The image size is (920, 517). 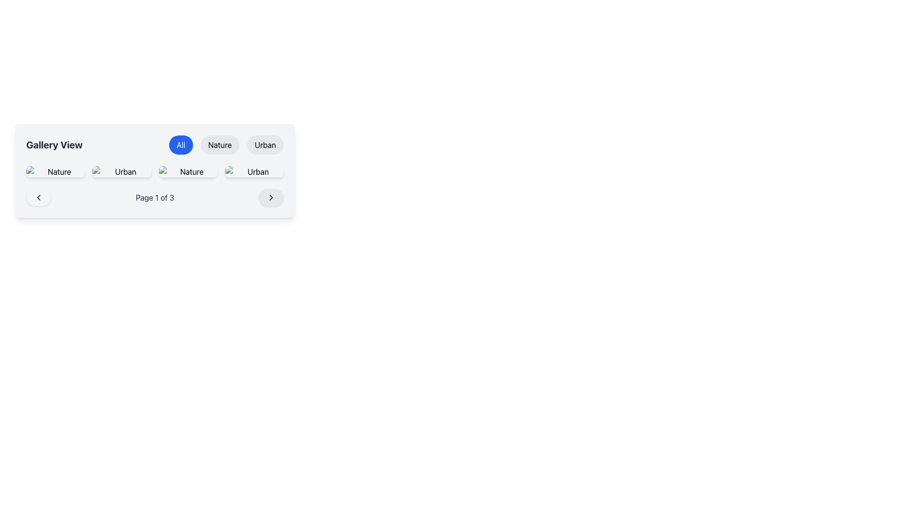 I want to click on the 'Nature' image placeholder element, which is a squarish thumbnail with rounded corners and a label below it, so click(x=188, y=171).